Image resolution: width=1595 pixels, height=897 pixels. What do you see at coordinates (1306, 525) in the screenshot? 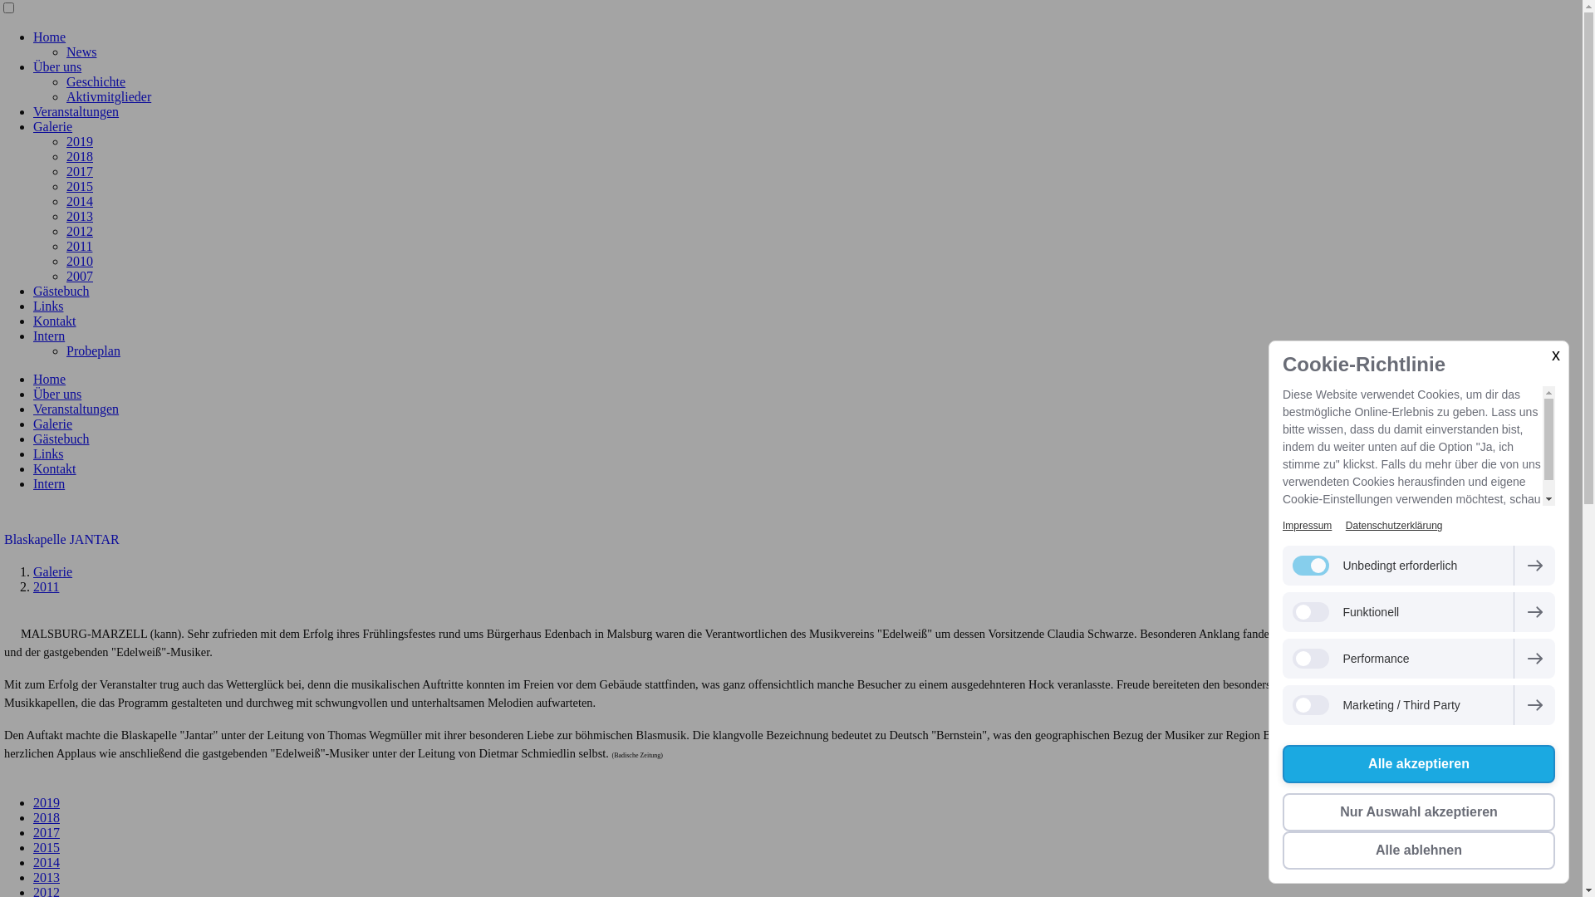
I see `'Impressum'` at bounding box center [1306, 525].